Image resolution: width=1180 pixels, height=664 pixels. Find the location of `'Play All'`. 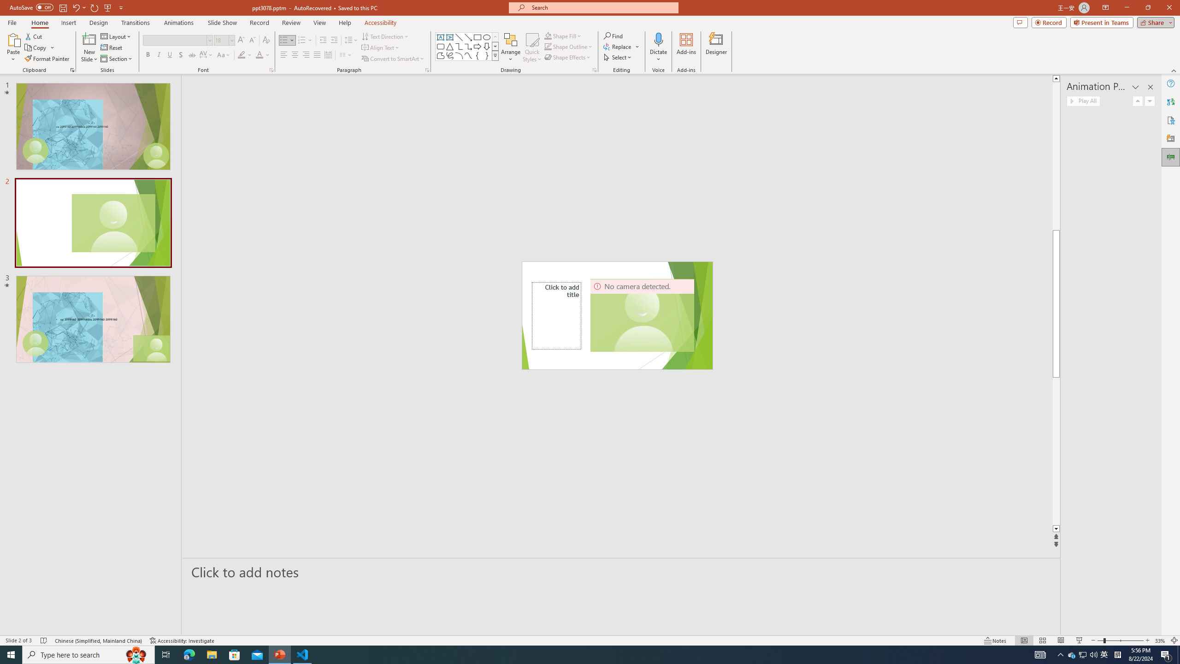

'Play All' is located at coordinates (1083, 101).